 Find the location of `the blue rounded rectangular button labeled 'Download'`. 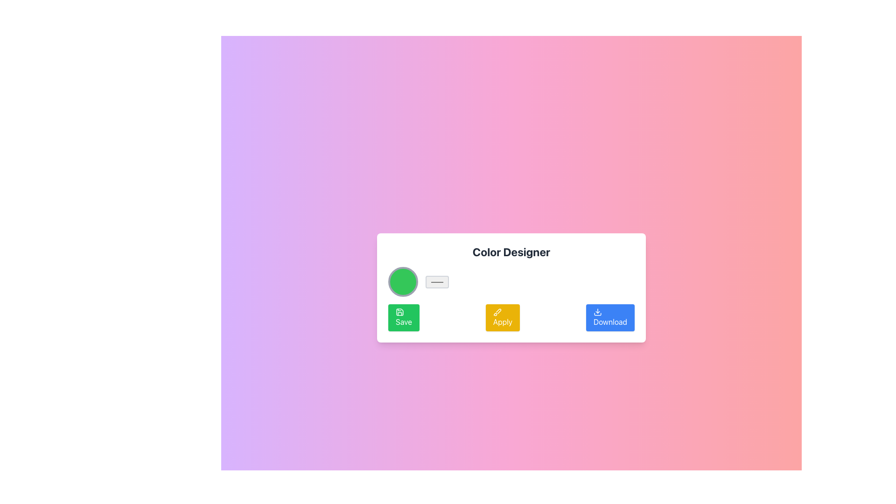

the blue rounded rectangular button labeled 'Download' is located at coordinates (610, 317).